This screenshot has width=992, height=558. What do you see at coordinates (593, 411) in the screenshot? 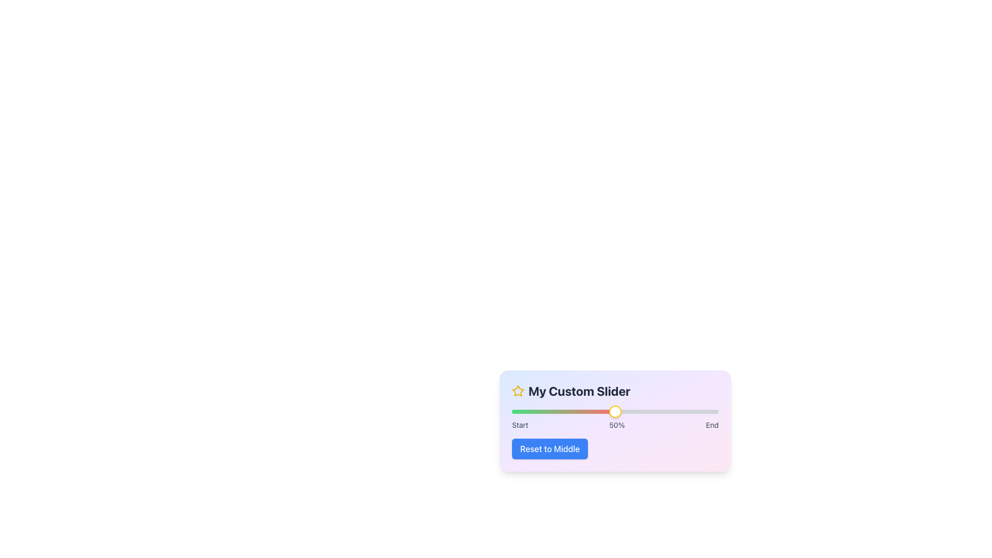
I see `the slider` at bounding box center [593, 411].